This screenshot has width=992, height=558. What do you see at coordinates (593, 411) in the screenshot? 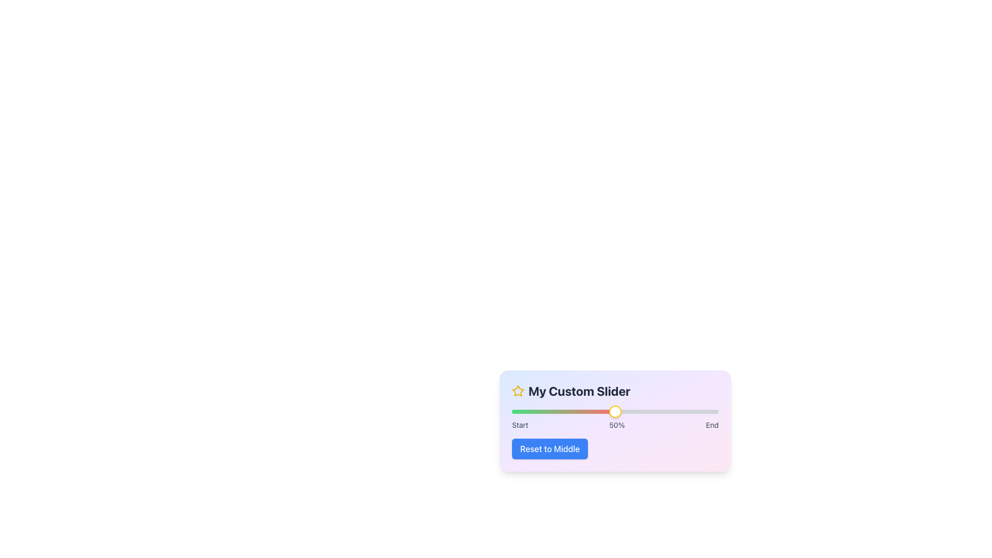
I see `the slider` at bounding box center [593, 411].